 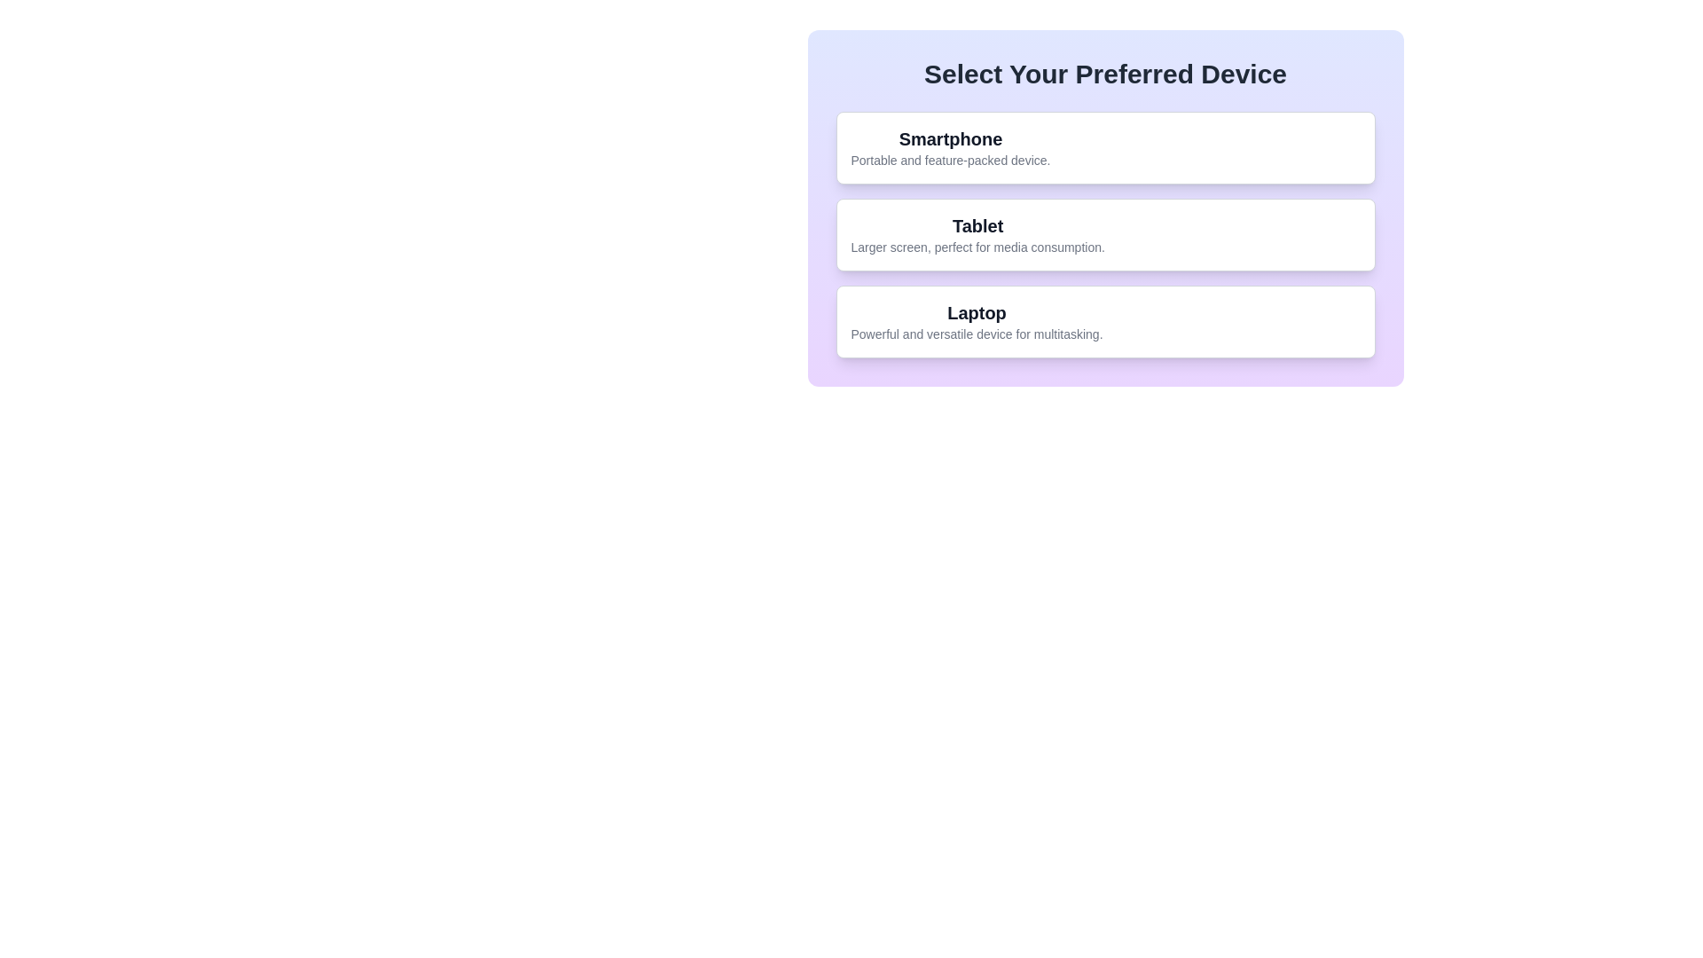 What do you see at coordinates (976, 312) in the screenshot?
I see `the text label displaying 'Laptop' in bold styling` at bounding box center [976, 312].